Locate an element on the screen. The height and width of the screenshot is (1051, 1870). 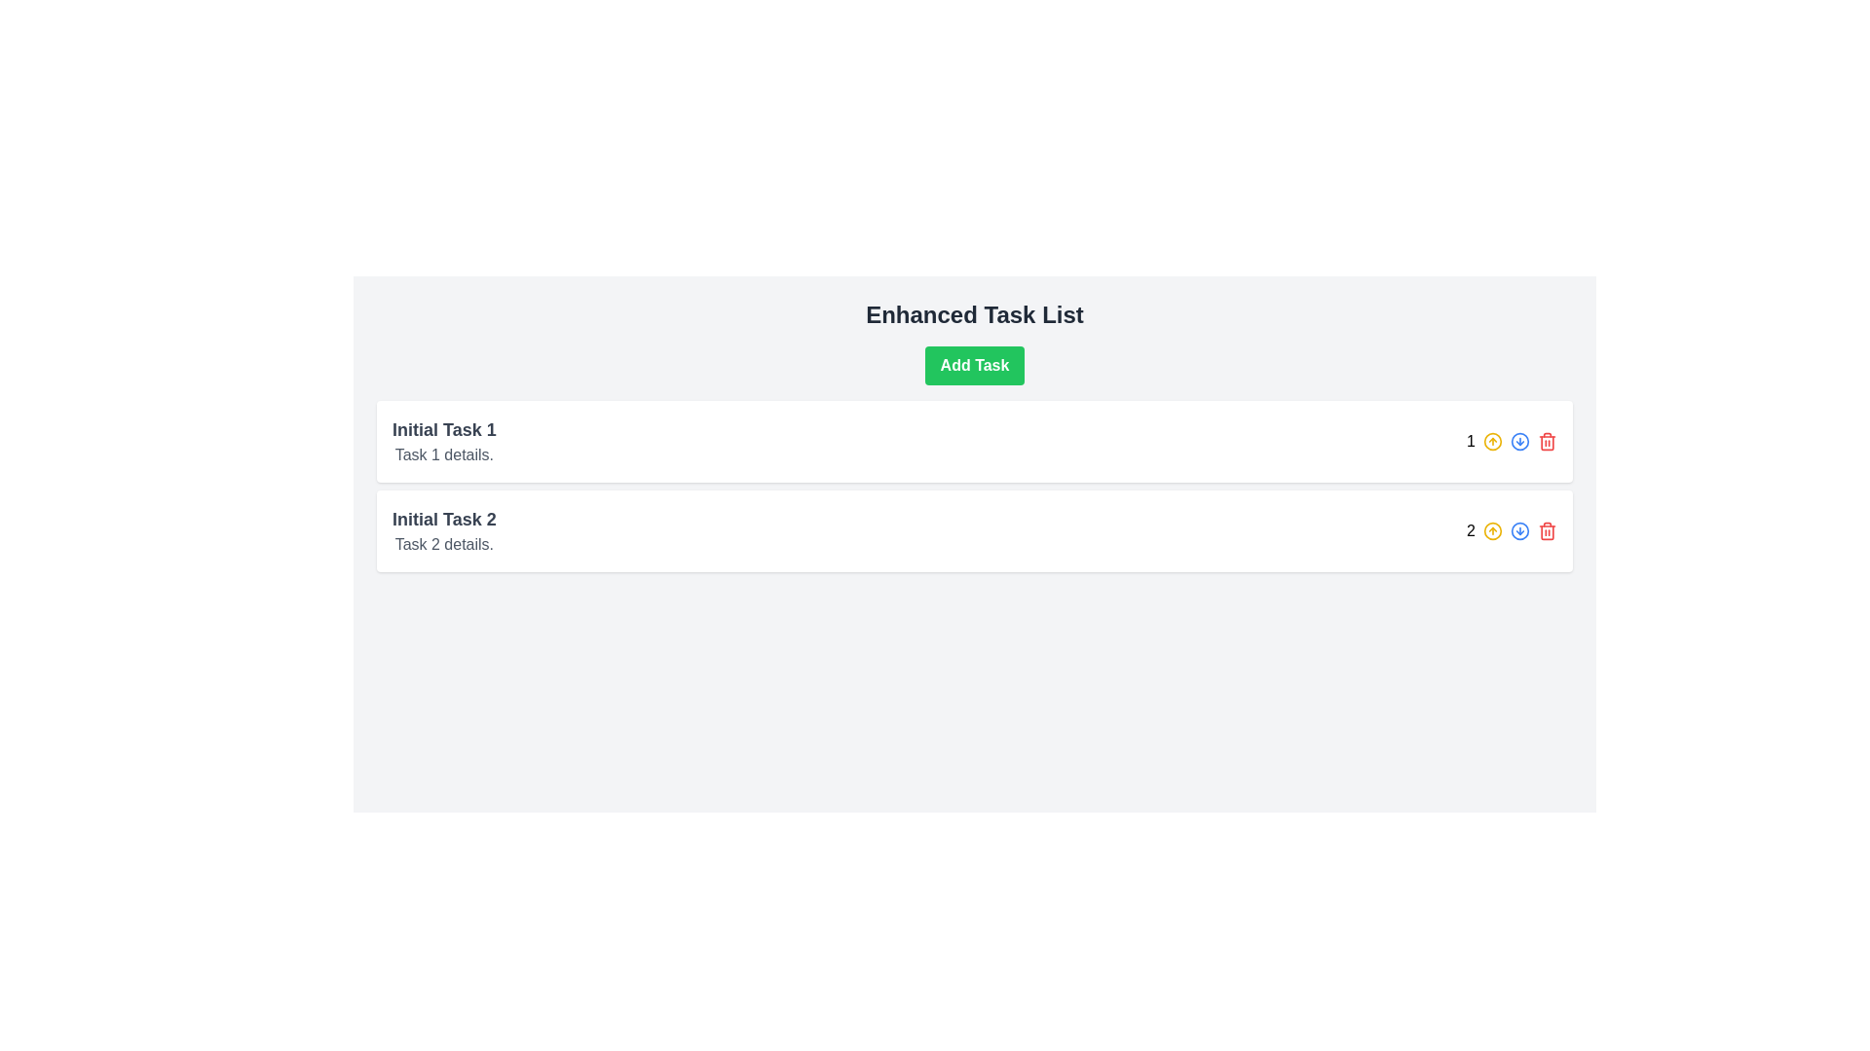
the text label displaying 'Task 1 details.' which is positioned directly below the 'Initial Task 1' heading in the first task card is located at coordinates (443, 454).